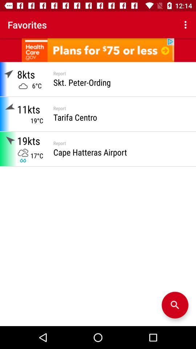 The height and width of the screenshot is (349, 196). Describe the element at coordinates (175, 305) in the screenshot. I see `the search icon` at that location.